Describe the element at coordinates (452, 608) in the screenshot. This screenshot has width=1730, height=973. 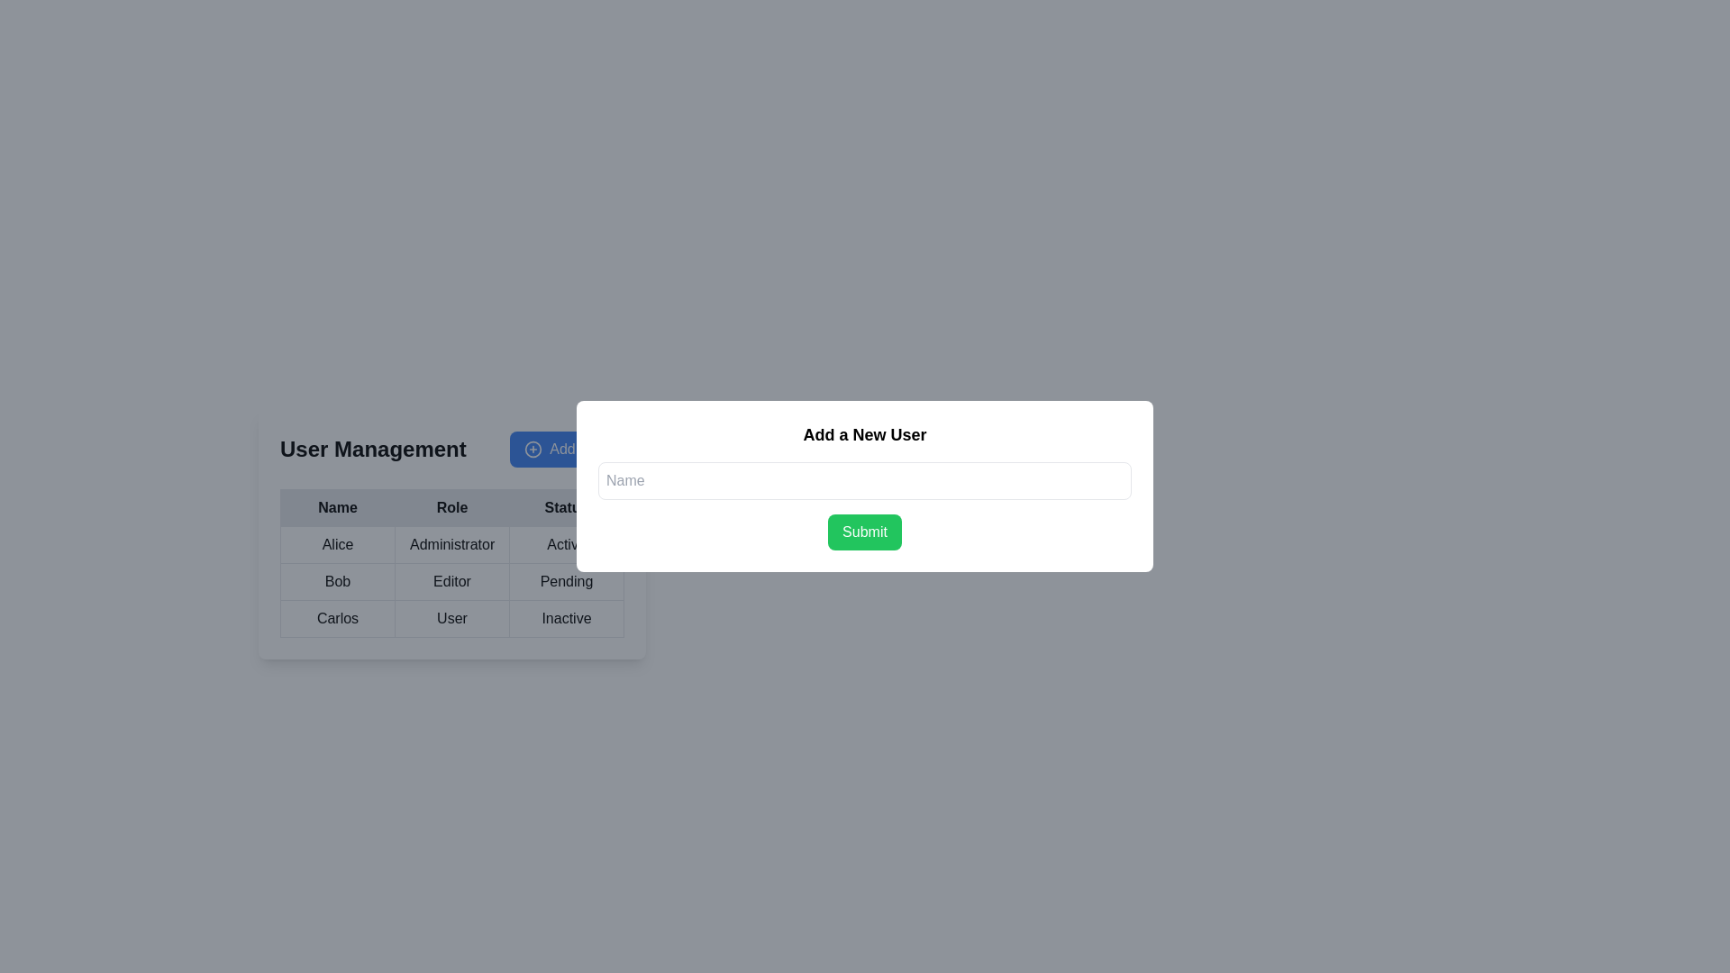
I see `the 'Role' cell displaying 'User' for the user 'Carlos'` at that location.